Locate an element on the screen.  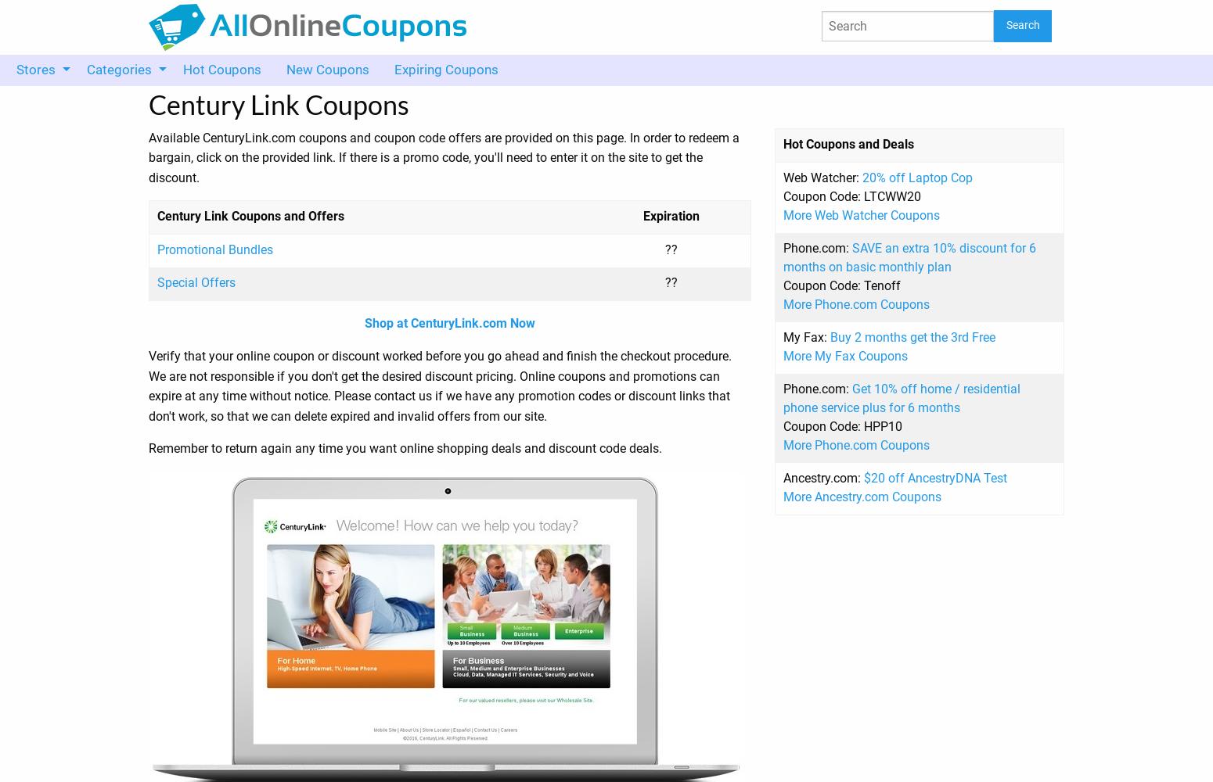
'Buy 2 months get the 3rd Free' is located at coordinates (912, 336).